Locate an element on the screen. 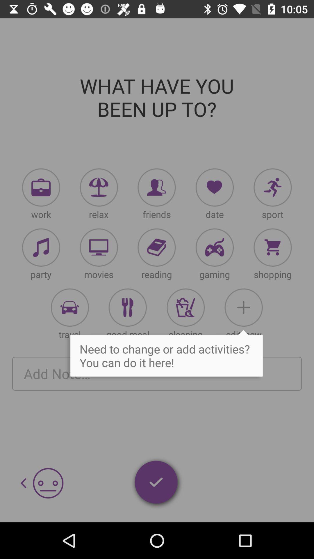 This screenshot has width=314, height=559. a date to your journal is located at coordinates (215, 187).